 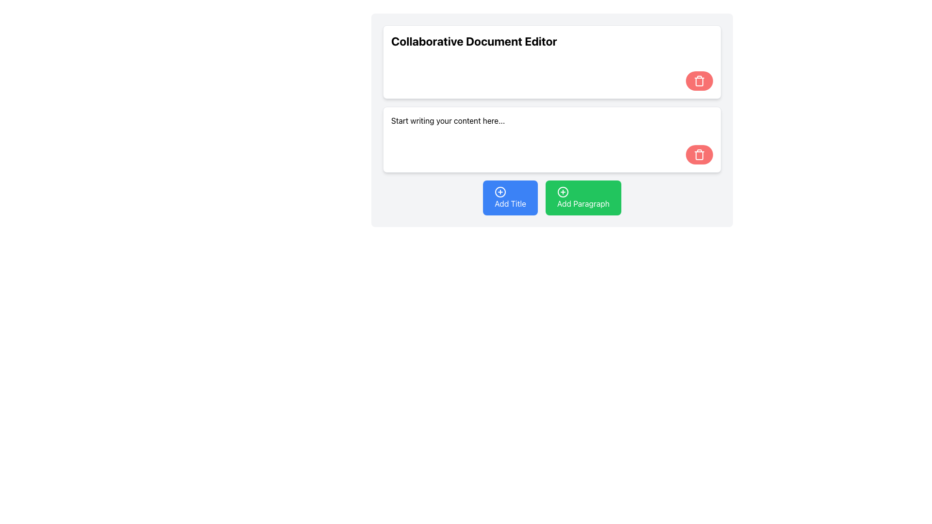 What do you see at coordinates (699, 154) in the screenshot?
I see `the trash bin icon button, which is styled in white and located within a red circular button at the bottom right of the page` at bounding box center [699, 154].